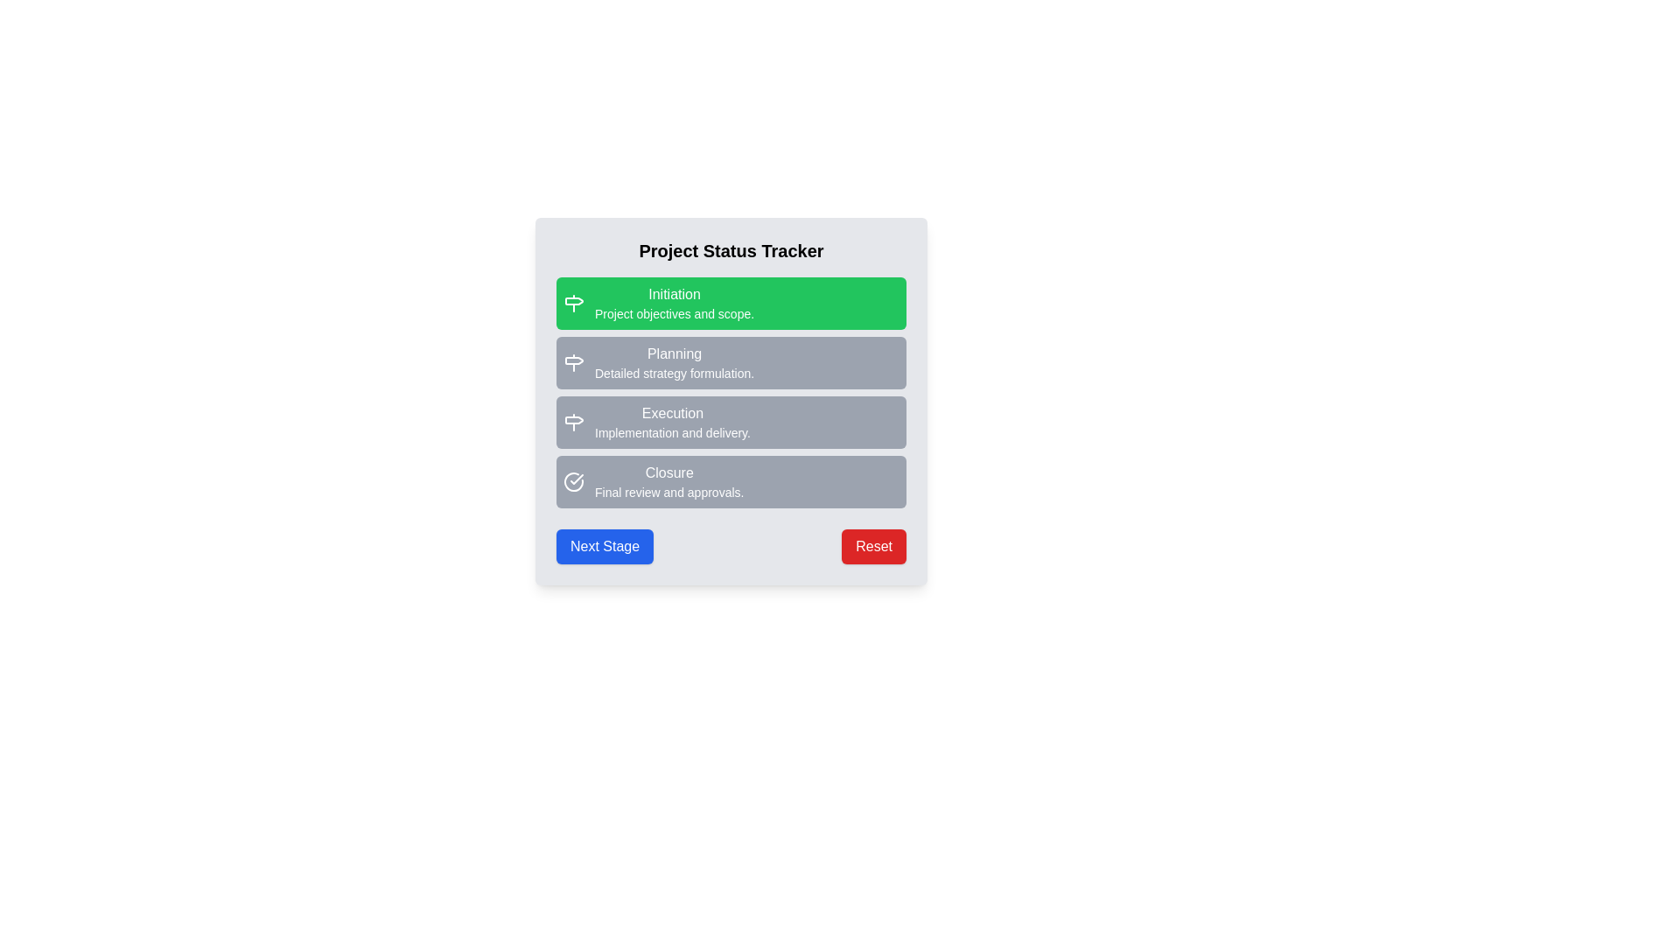 This screenshot has height=945, width=1680. I want to click on the descriptive label with the text 'Execution' in bold, located in the Project Status Tracker section, positioned between 'Planning' and 'Closure', so click(731, 402).